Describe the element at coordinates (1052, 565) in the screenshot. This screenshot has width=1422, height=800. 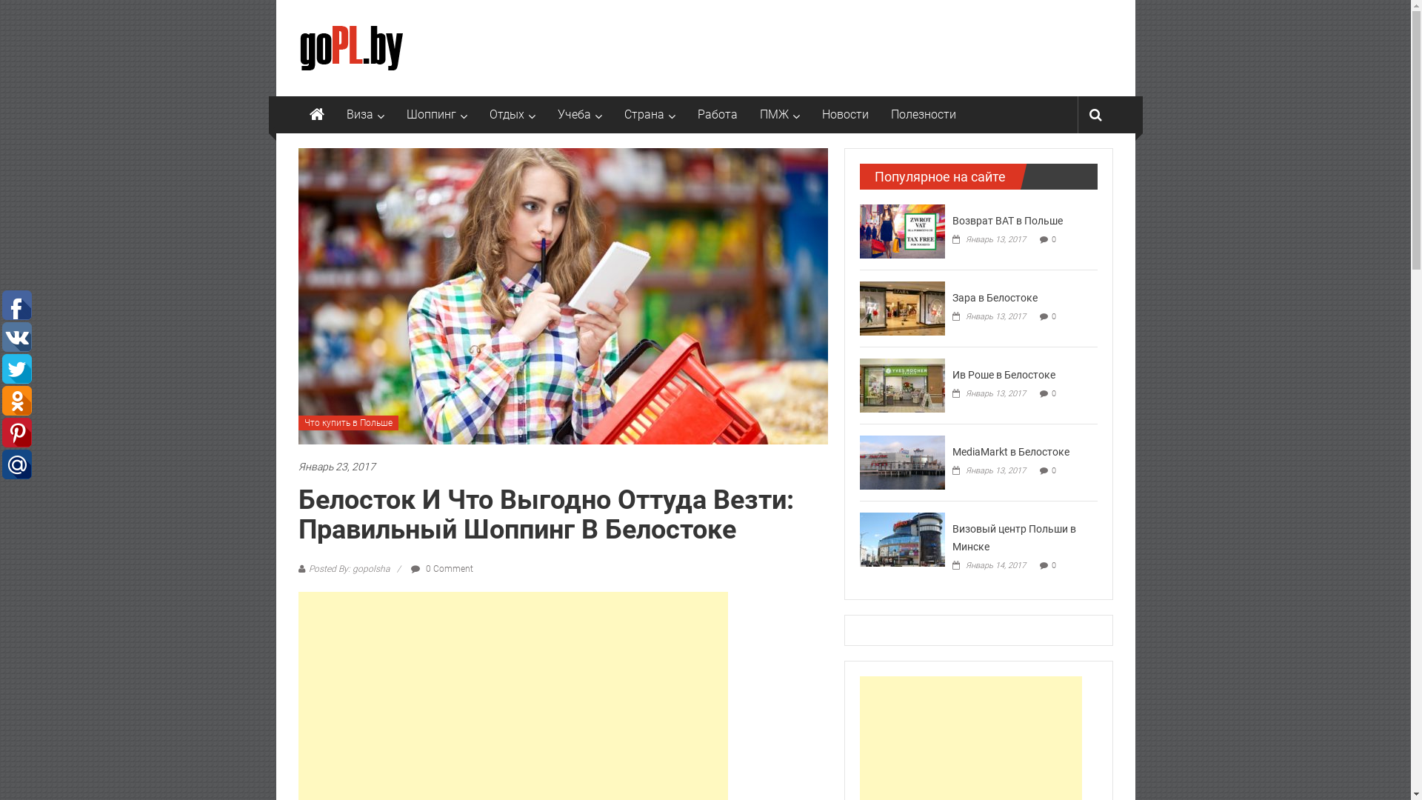
I see `'0'` at that location.